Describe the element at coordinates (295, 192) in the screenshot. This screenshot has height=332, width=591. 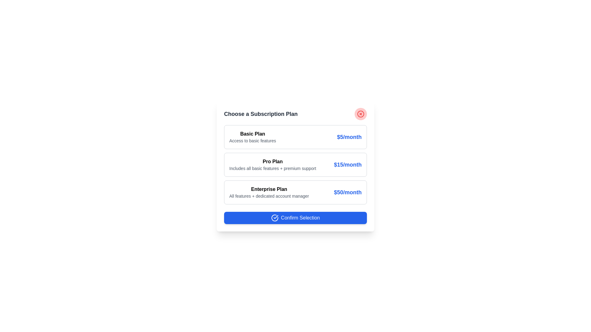
I see `the subscription plan Enterprise Plan` at that location.